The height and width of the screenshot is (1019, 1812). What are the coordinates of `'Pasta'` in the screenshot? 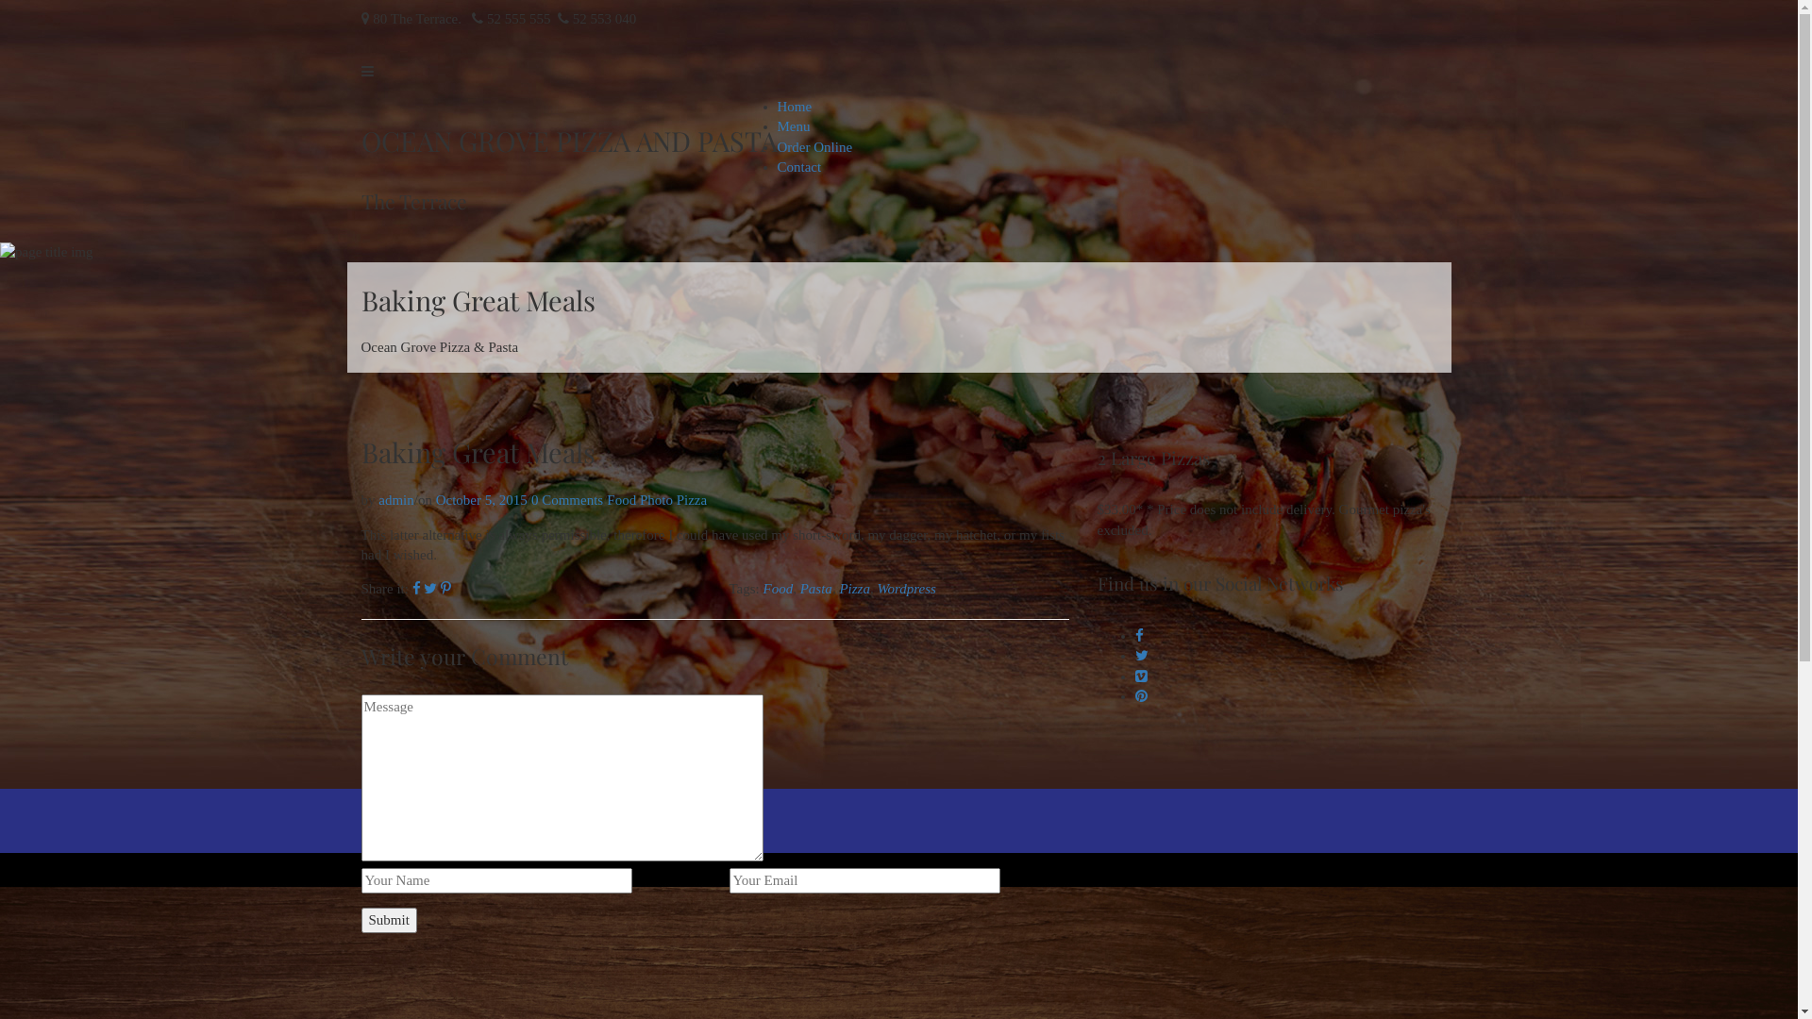 It's located at (815, 588).